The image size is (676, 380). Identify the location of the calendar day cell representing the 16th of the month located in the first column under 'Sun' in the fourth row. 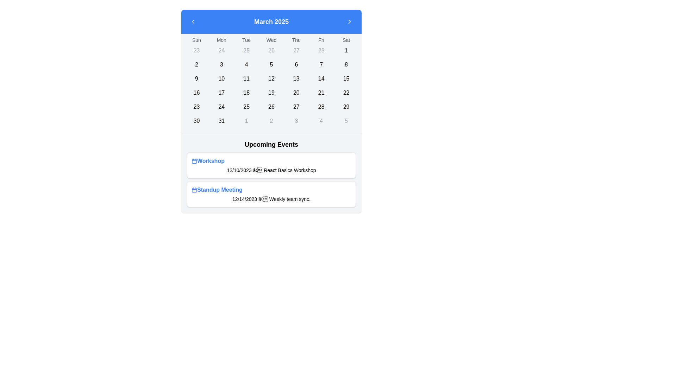
(196, 92).